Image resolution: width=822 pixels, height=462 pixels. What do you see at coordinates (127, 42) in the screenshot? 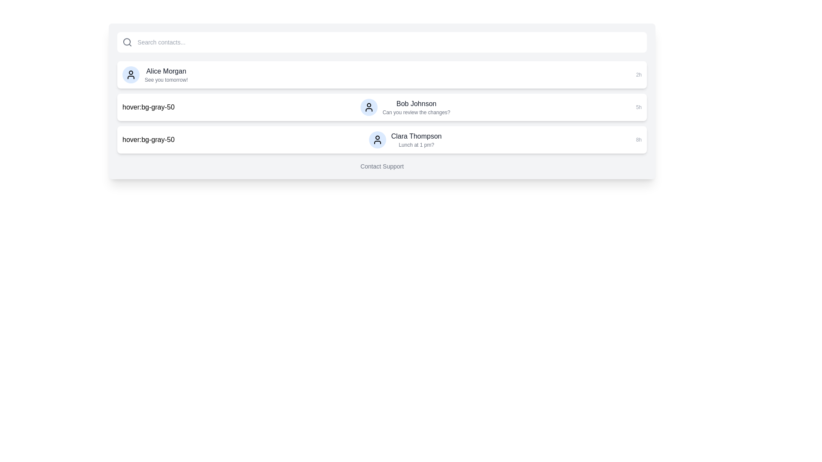
I see `the gray magnifying glass icon, which is styled in a minimalist design with thin outlines, located on the left side adjacent to the 'Search contacts...' text input field` at bounding box center [127, 42].